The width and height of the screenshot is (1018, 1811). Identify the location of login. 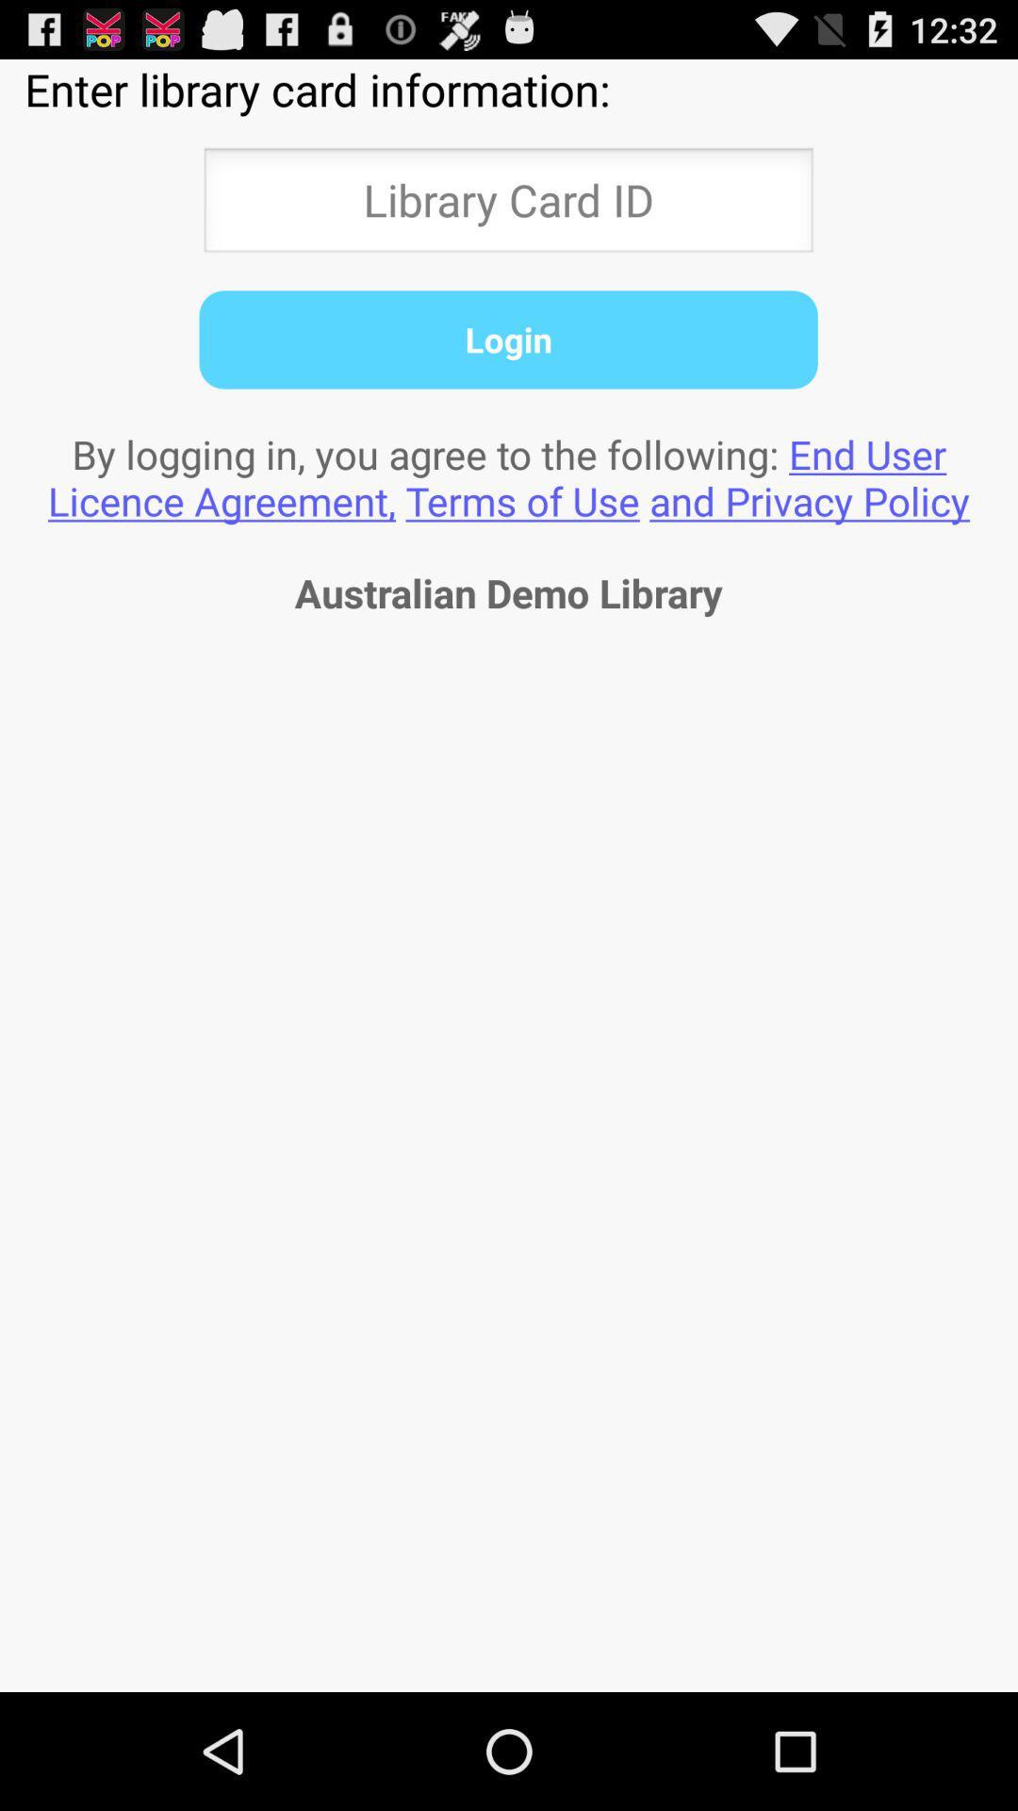
(507, 340).